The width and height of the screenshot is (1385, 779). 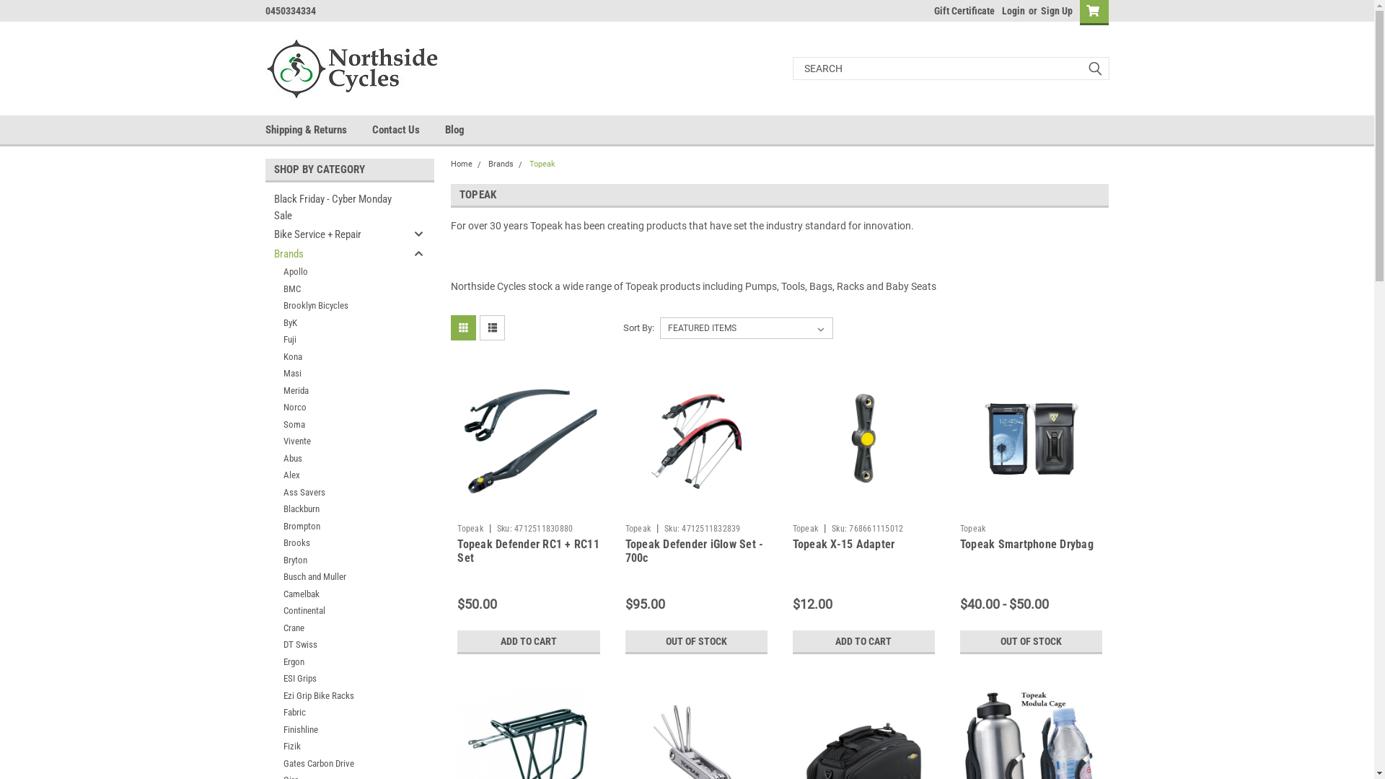 I want to click on 'Bike Service + Repair', so click(x=336, y=234).